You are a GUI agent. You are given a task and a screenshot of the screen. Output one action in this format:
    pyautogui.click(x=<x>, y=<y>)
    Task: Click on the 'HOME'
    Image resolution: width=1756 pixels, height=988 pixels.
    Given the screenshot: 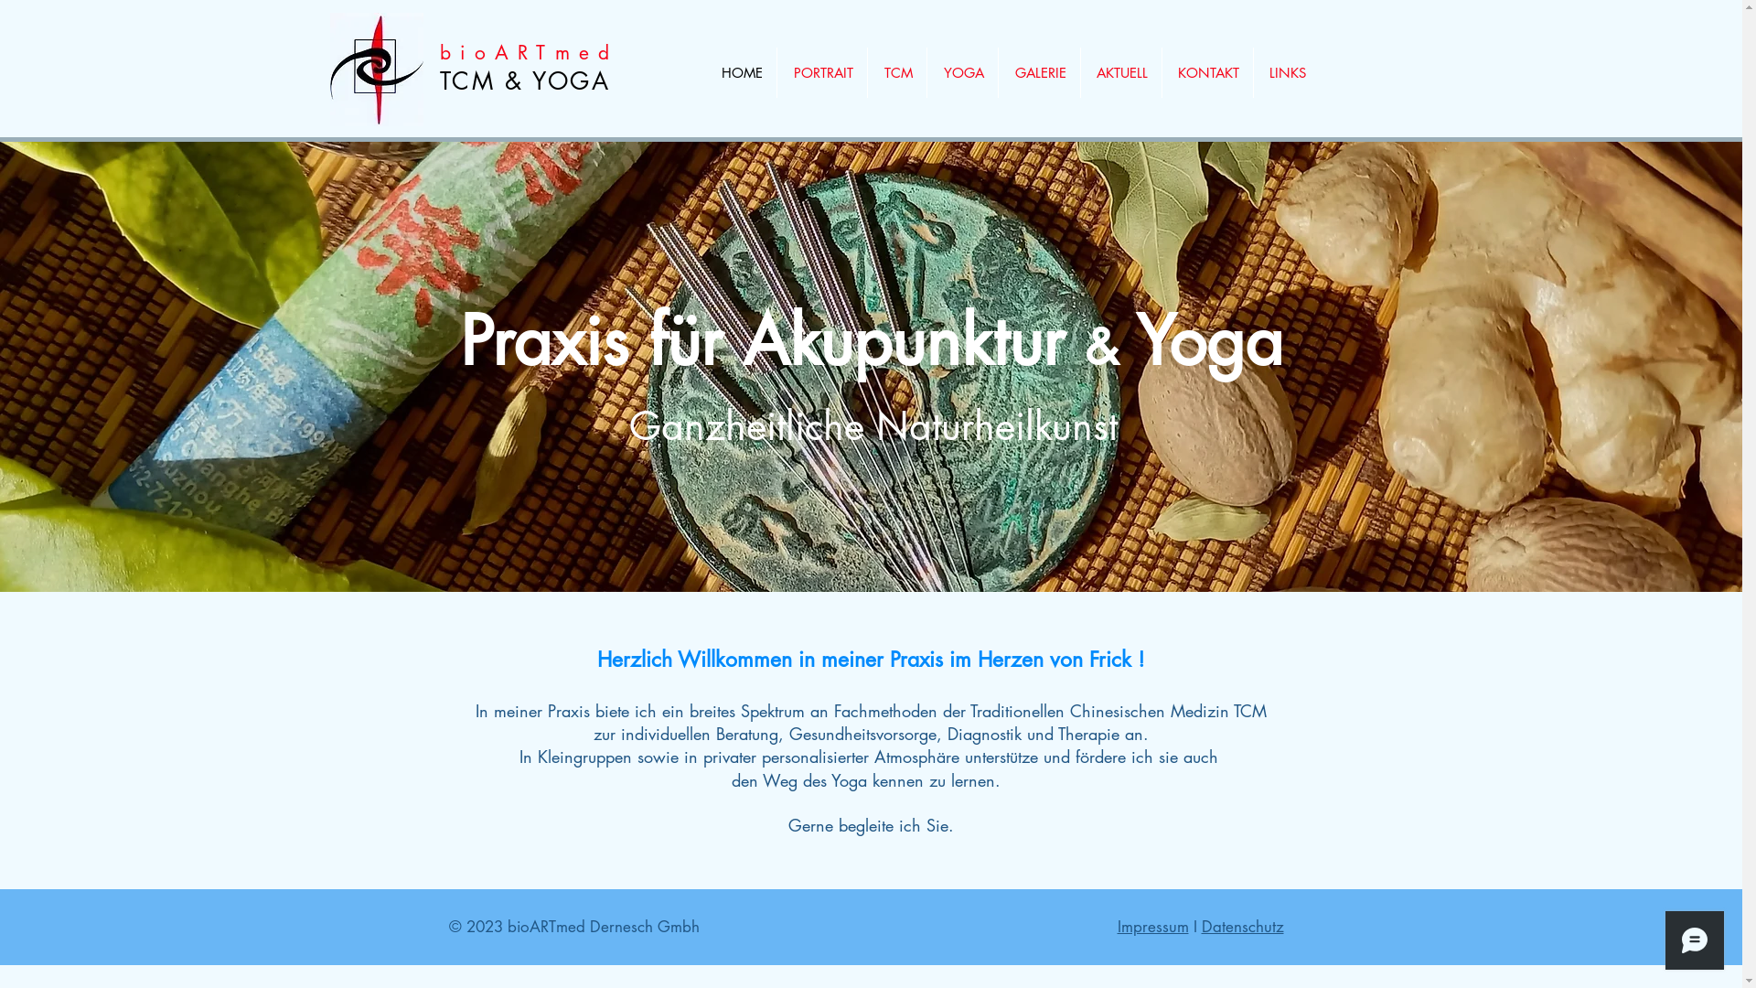 What is the action you would take?
    pyautogui.click(x=740, y=71)
    